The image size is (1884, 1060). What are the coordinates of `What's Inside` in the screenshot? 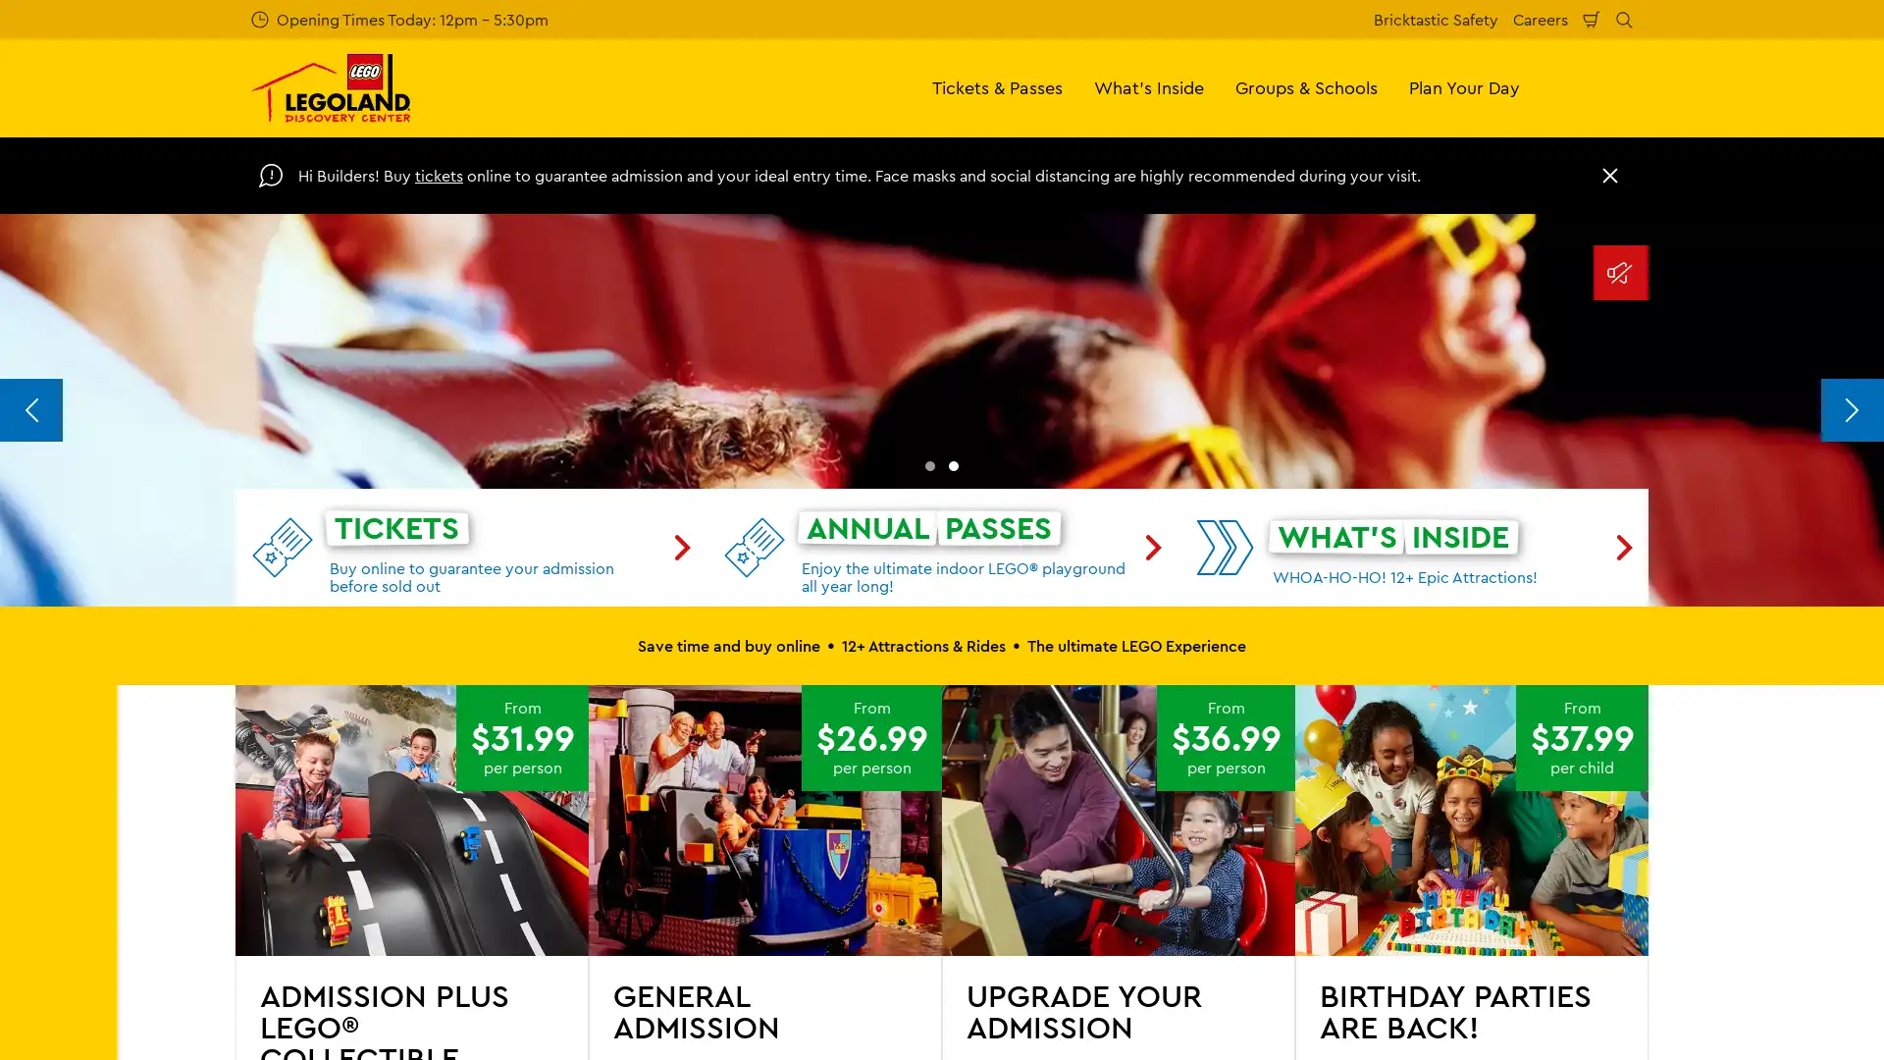 It's located at (1149, 86).